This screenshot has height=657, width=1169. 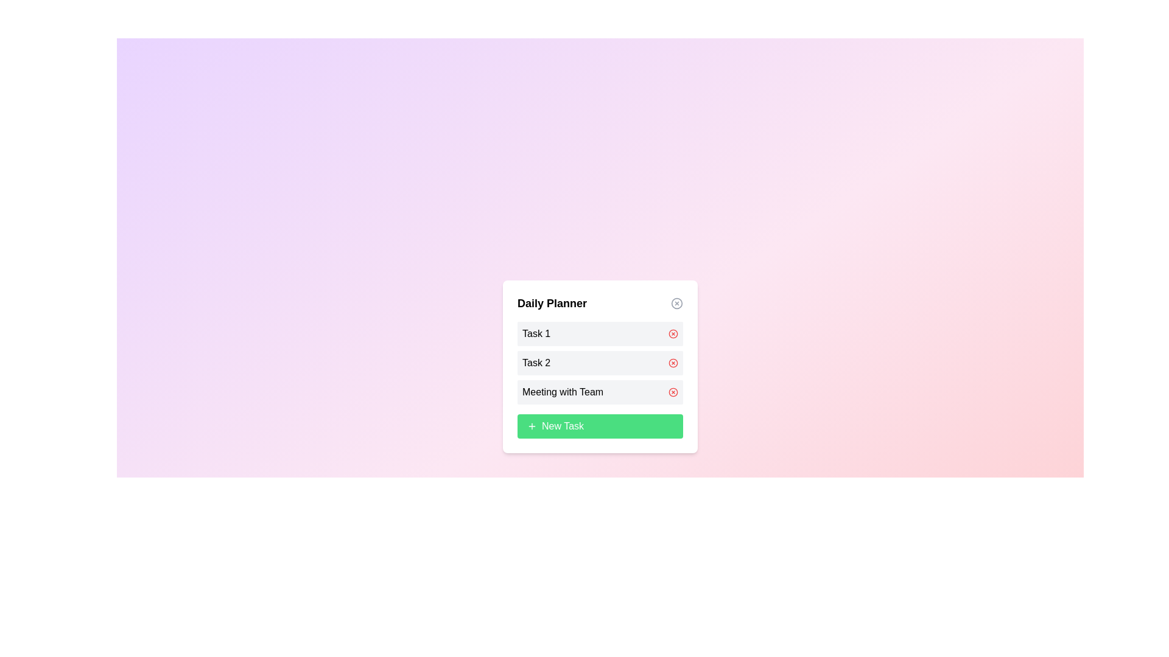 I want to click on the task labeled 'Task 2' by clicking its associated delete button, so click(x=672, y=363).